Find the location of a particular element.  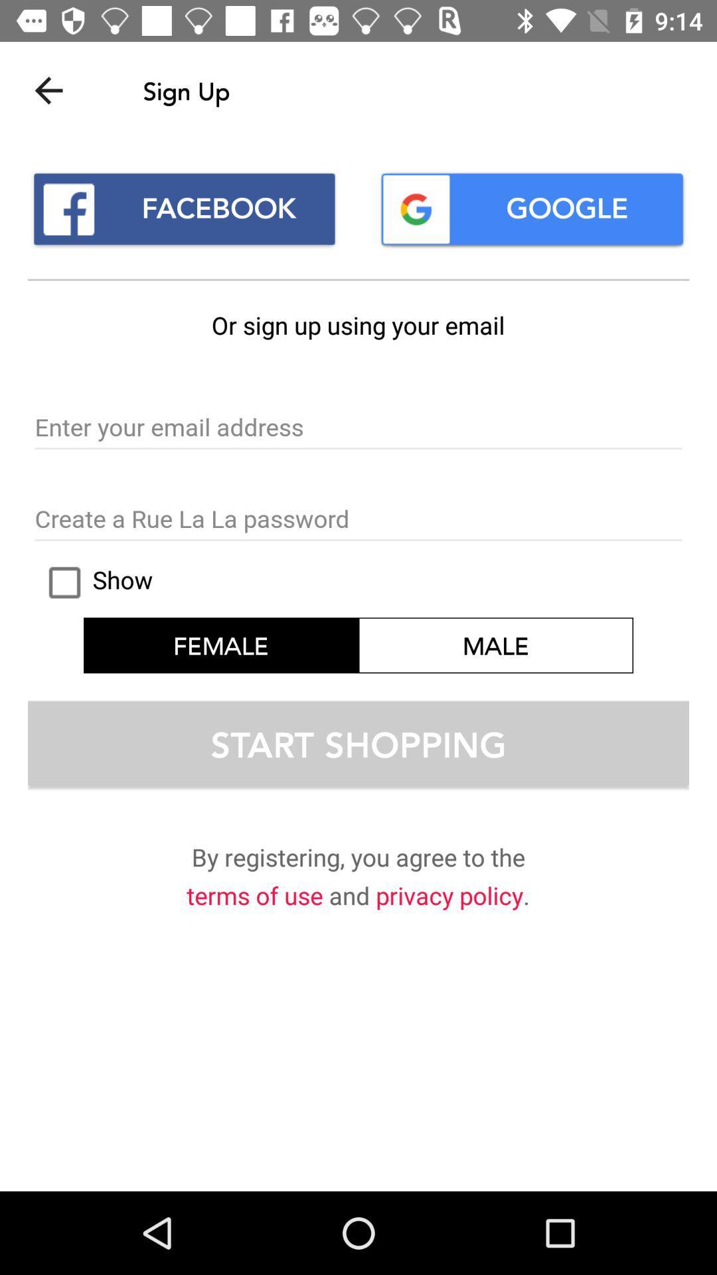

show icon is located at coordinates (94, 582).